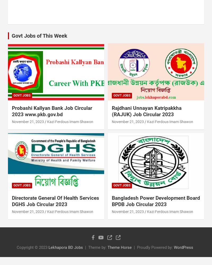 The width and height of the screenshot is (212, 265). I want to click on 'Probashi Kallyan Bank Job Circular 2023 www.pkb.gov.bd', so click(52, 111).